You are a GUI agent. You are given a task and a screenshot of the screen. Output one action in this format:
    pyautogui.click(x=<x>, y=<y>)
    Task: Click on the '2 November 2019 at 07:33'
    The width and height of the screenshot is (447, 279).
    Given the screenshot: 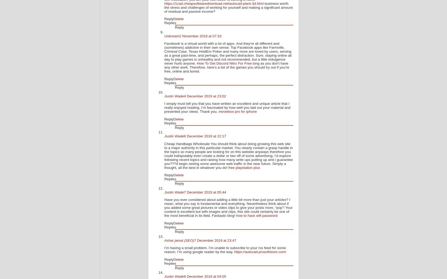 What is the action you would take?
    pyautogui.click(x=200, y=36)
    